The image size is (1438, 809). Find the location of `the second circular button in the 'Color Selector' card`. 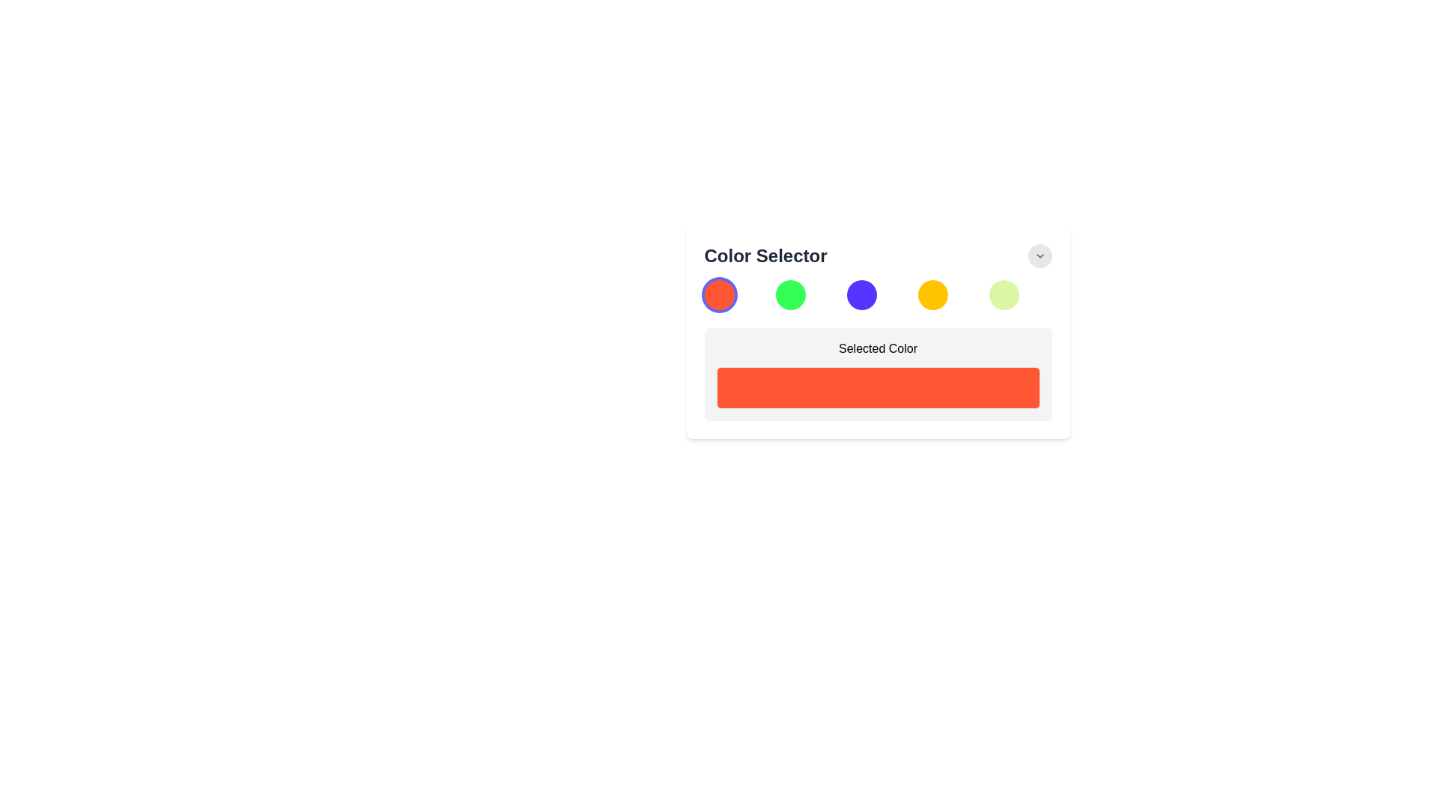

the second circular button in the 'Color Selector' card is located at coordinates (789, 294).